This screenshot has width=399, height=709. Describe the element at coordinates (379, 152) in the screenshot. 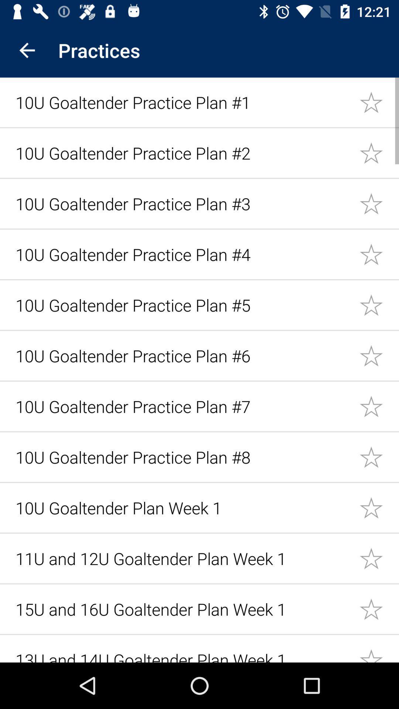

I see `mark as favorite` at that location.